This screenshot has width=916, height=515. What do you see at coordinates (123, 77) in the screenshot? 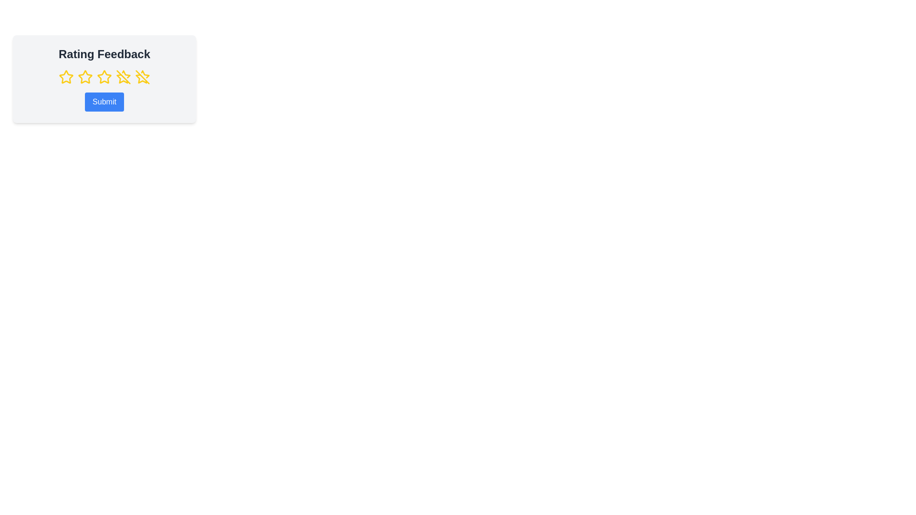
I see `the fifth star icon in the horizontal row of rating options` at bounding box center [123, 77].